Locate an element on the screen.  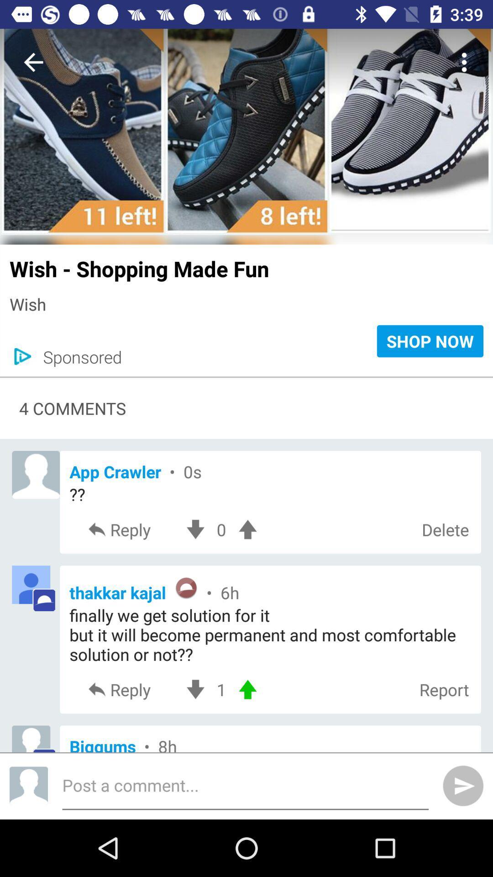
the wish shopping made item is located at coordinates (246, 263).